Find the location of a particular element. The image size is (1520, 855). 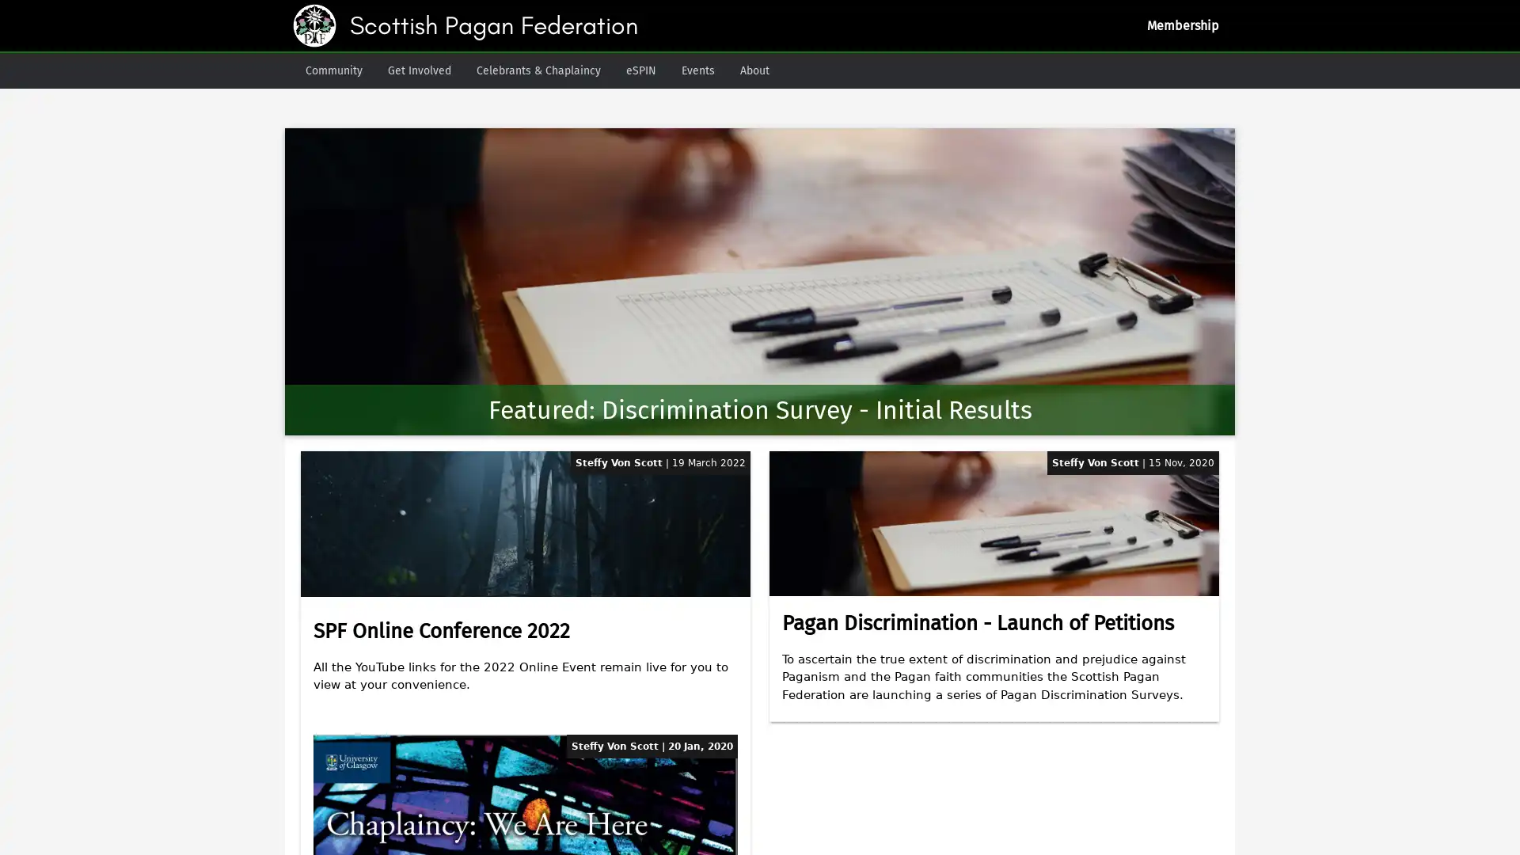

Get Involved is located at coordinates (419, 70).